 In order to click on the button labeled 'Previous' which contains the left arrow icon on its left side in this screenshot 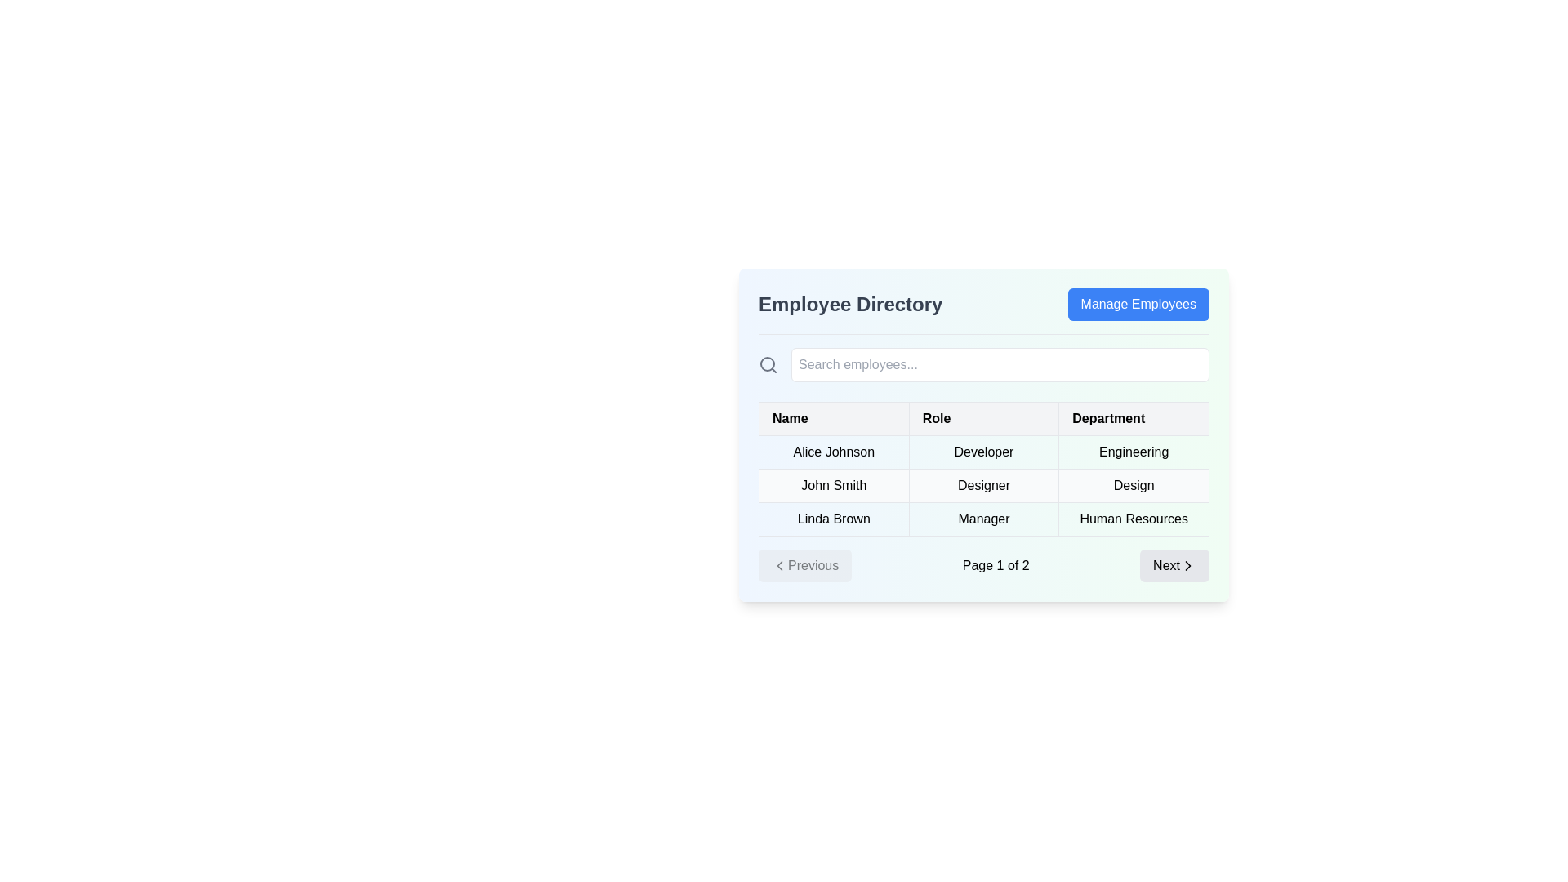, I will do `click(779, 565)`.